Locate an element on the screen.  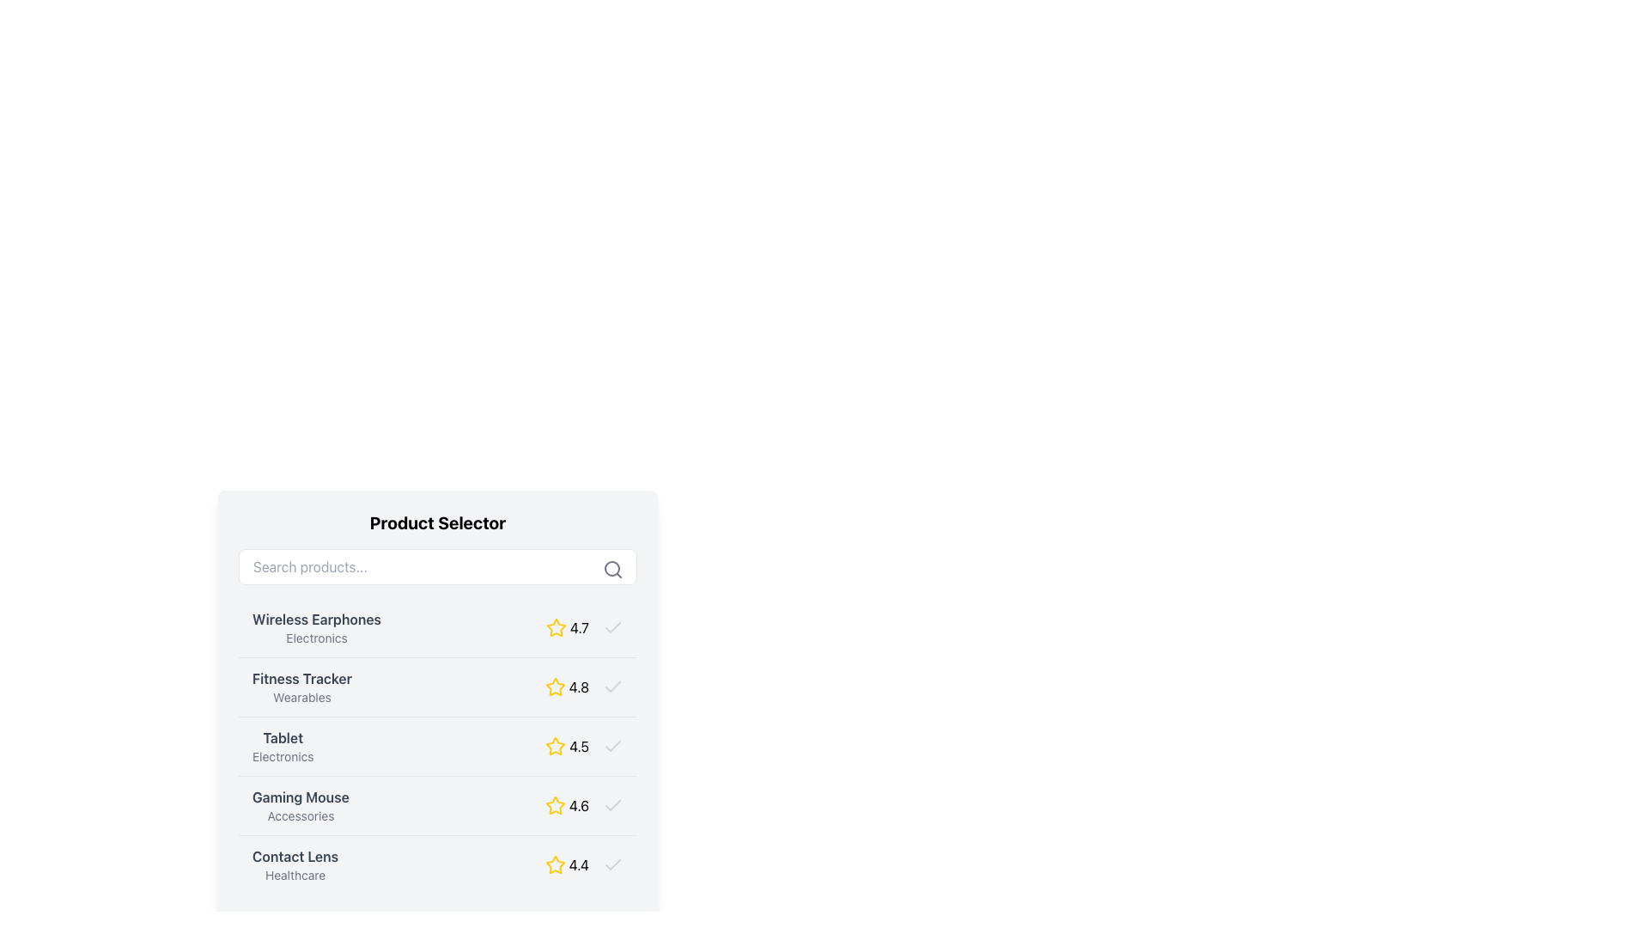
the 'Fitness Tracker' list item label, which is the second item in the 'Product Selector' list, positioned between 'Wireless Earphones' and 'Tablet' is located at coordinates (301, 686).